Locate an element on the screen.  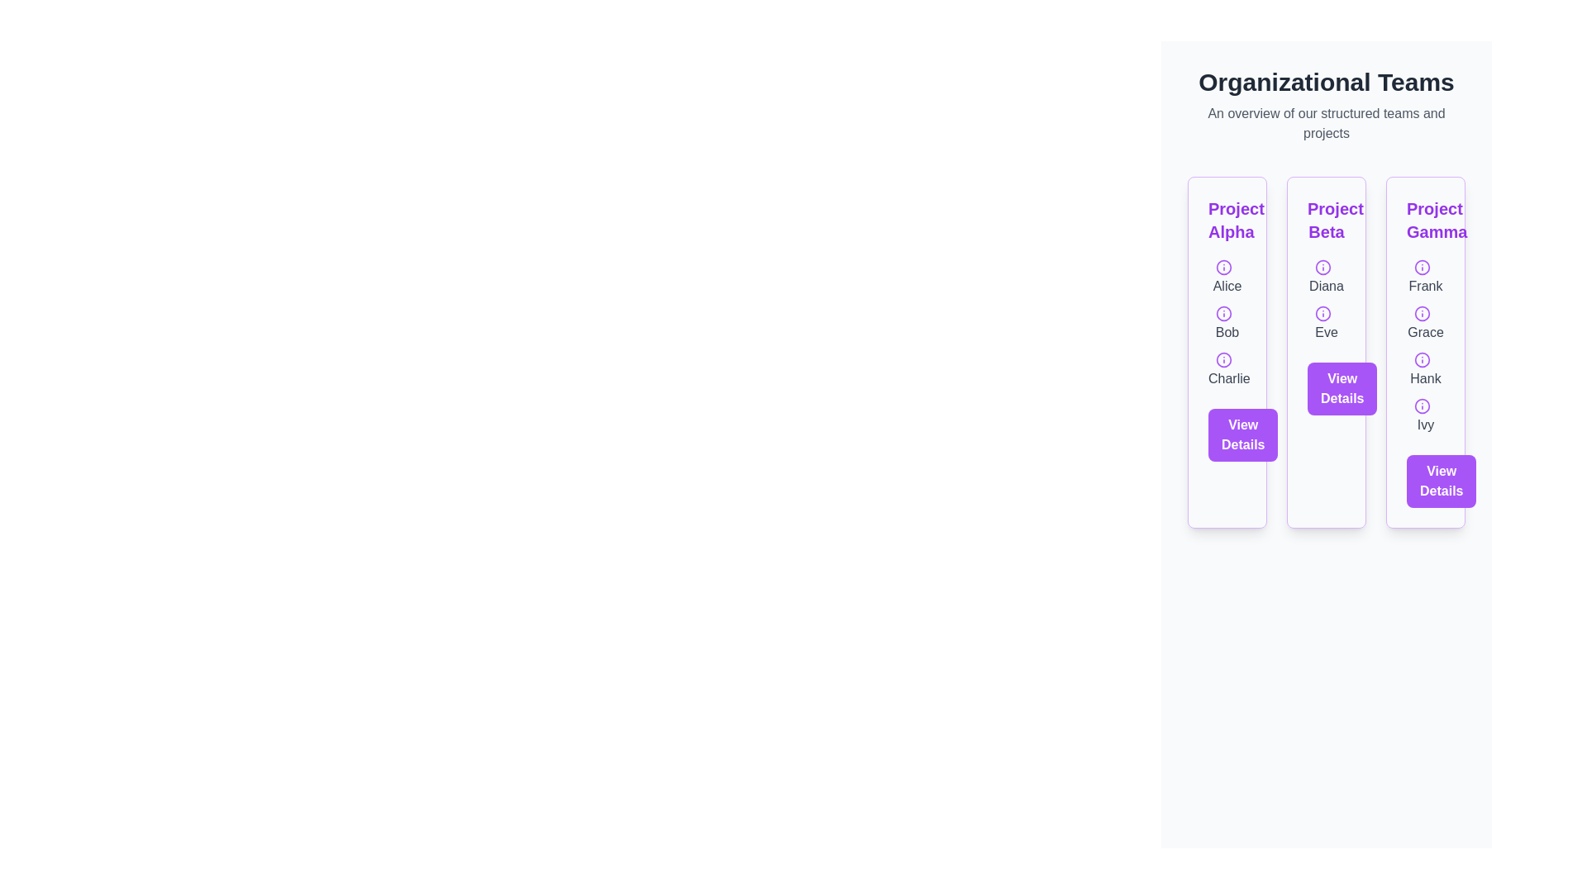
the names in the vertical list of the 'Project Gamma' section is located at coordinates (1424, 345).